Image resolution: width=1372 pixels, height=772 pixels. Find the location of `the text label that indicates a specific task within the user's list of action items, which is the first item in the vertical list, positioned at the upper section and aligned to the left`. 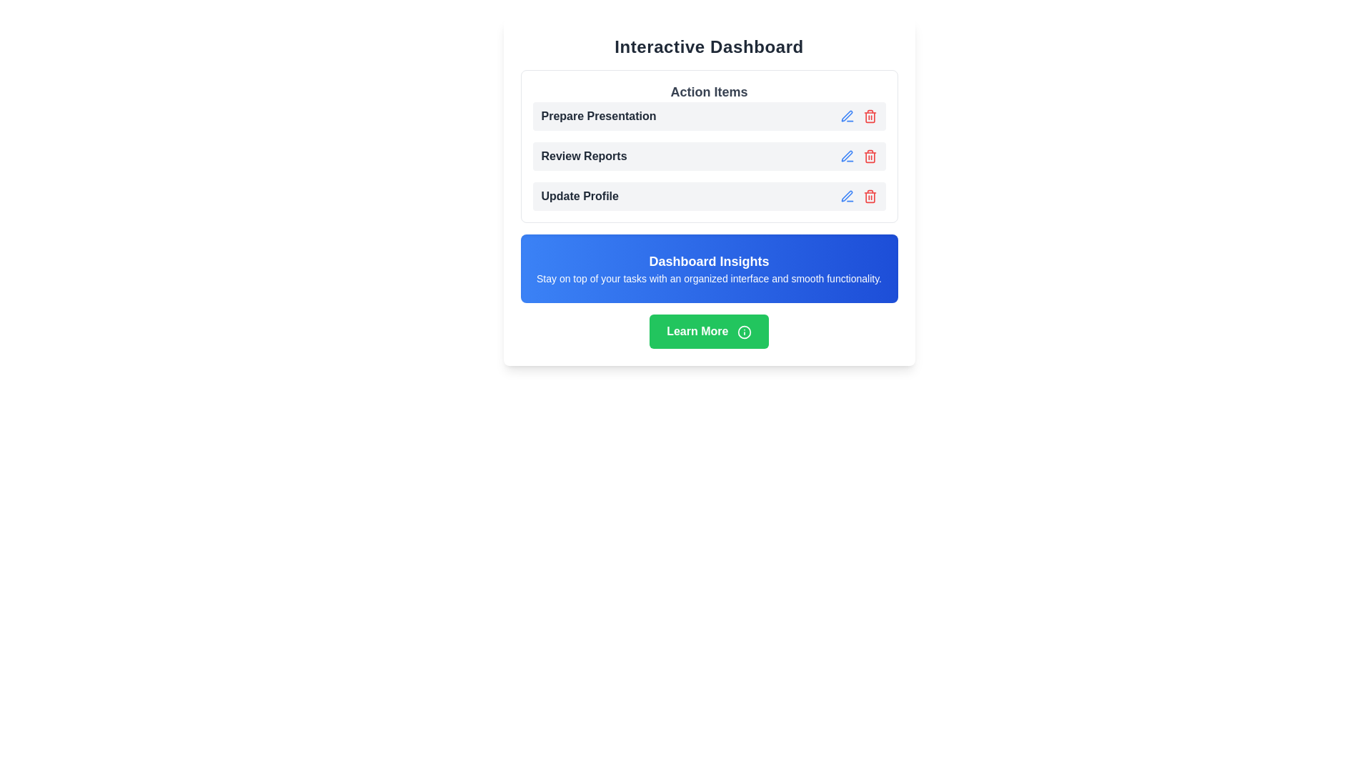

the text label that indicates a specific task within the user's list of action items, which is the first item in the vertical list, positioned at the upper section and aligned to the left is located at coordinates (598, 115).